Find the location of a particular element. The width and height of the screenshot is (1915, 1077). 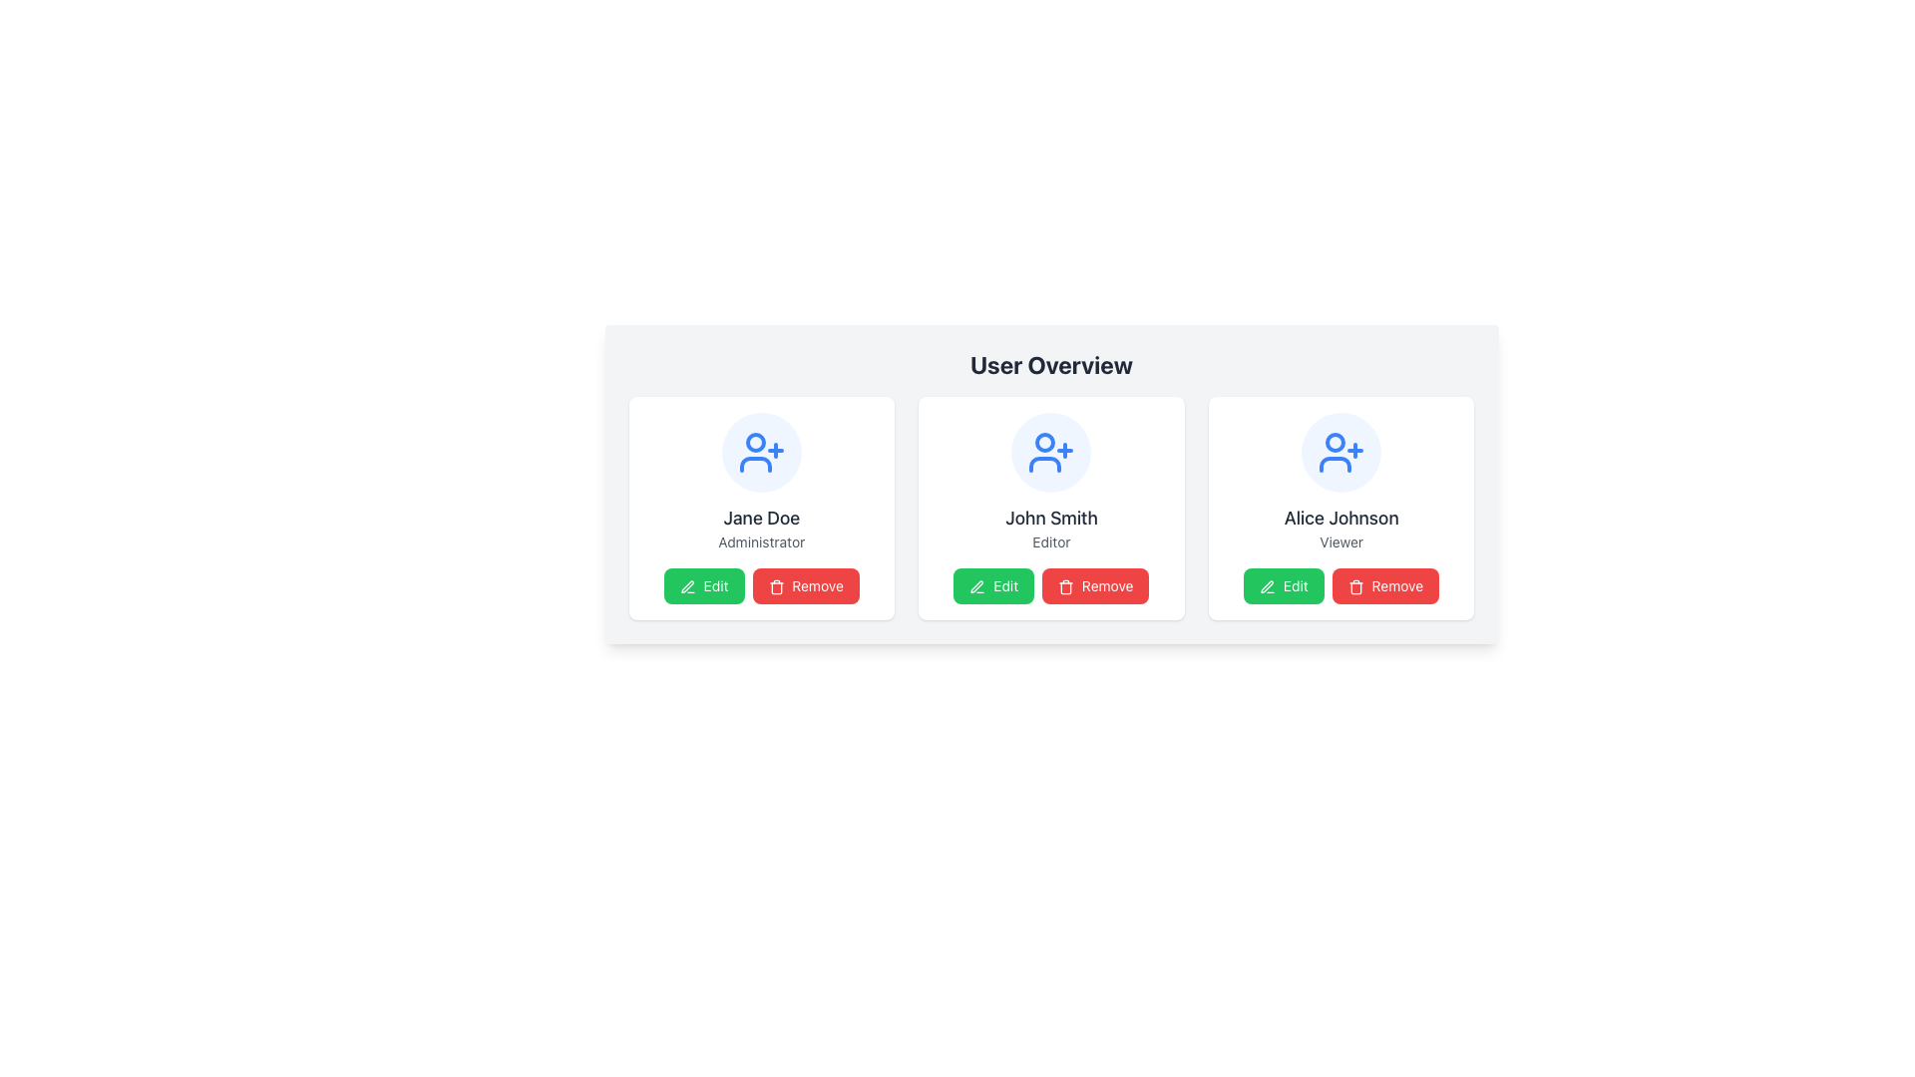

the 'Viewer' text label that indicates the user's role, located below 'Alice Johnson' and above the buttons group in the user card for Alice Johnson is located at coordinates (1341, 541).